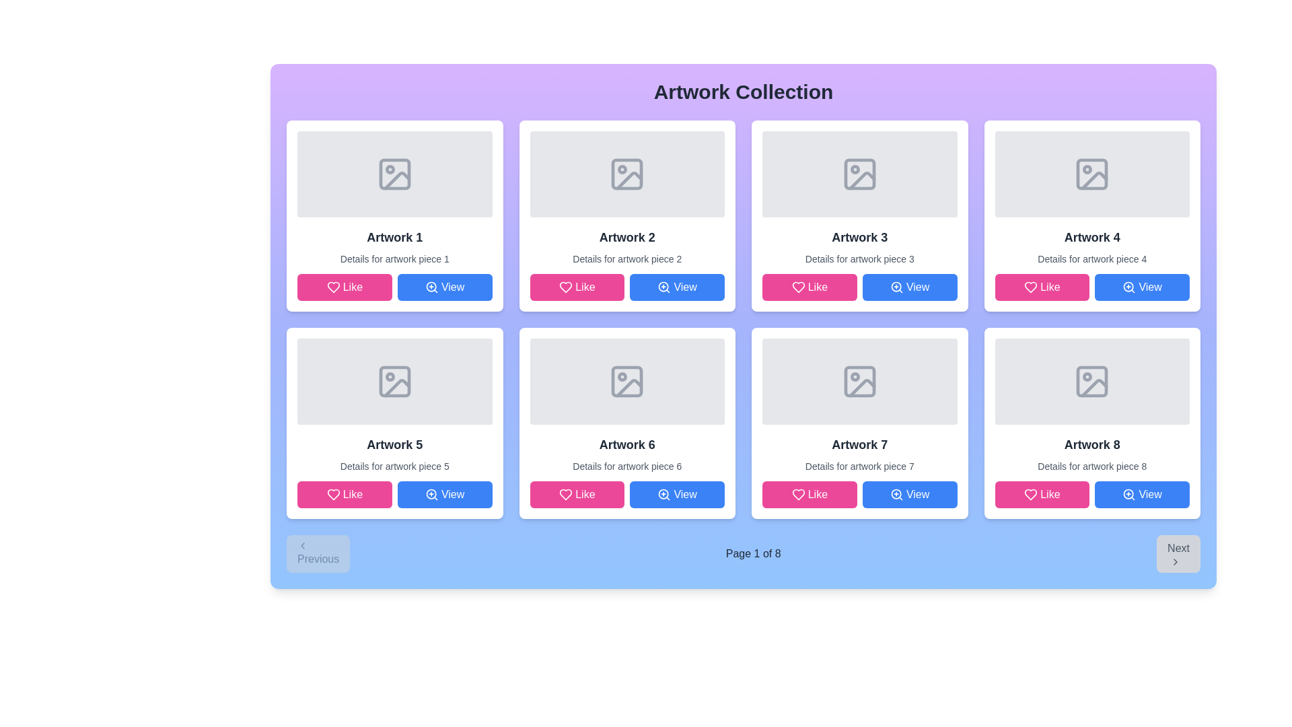 The image size is (1292, 727). Describe the element at coordinates (622, 168) in the screenshot. I see `small circular SVG element located inside the 'Artwork 2' card's image icon in the artwork grid` at that location.